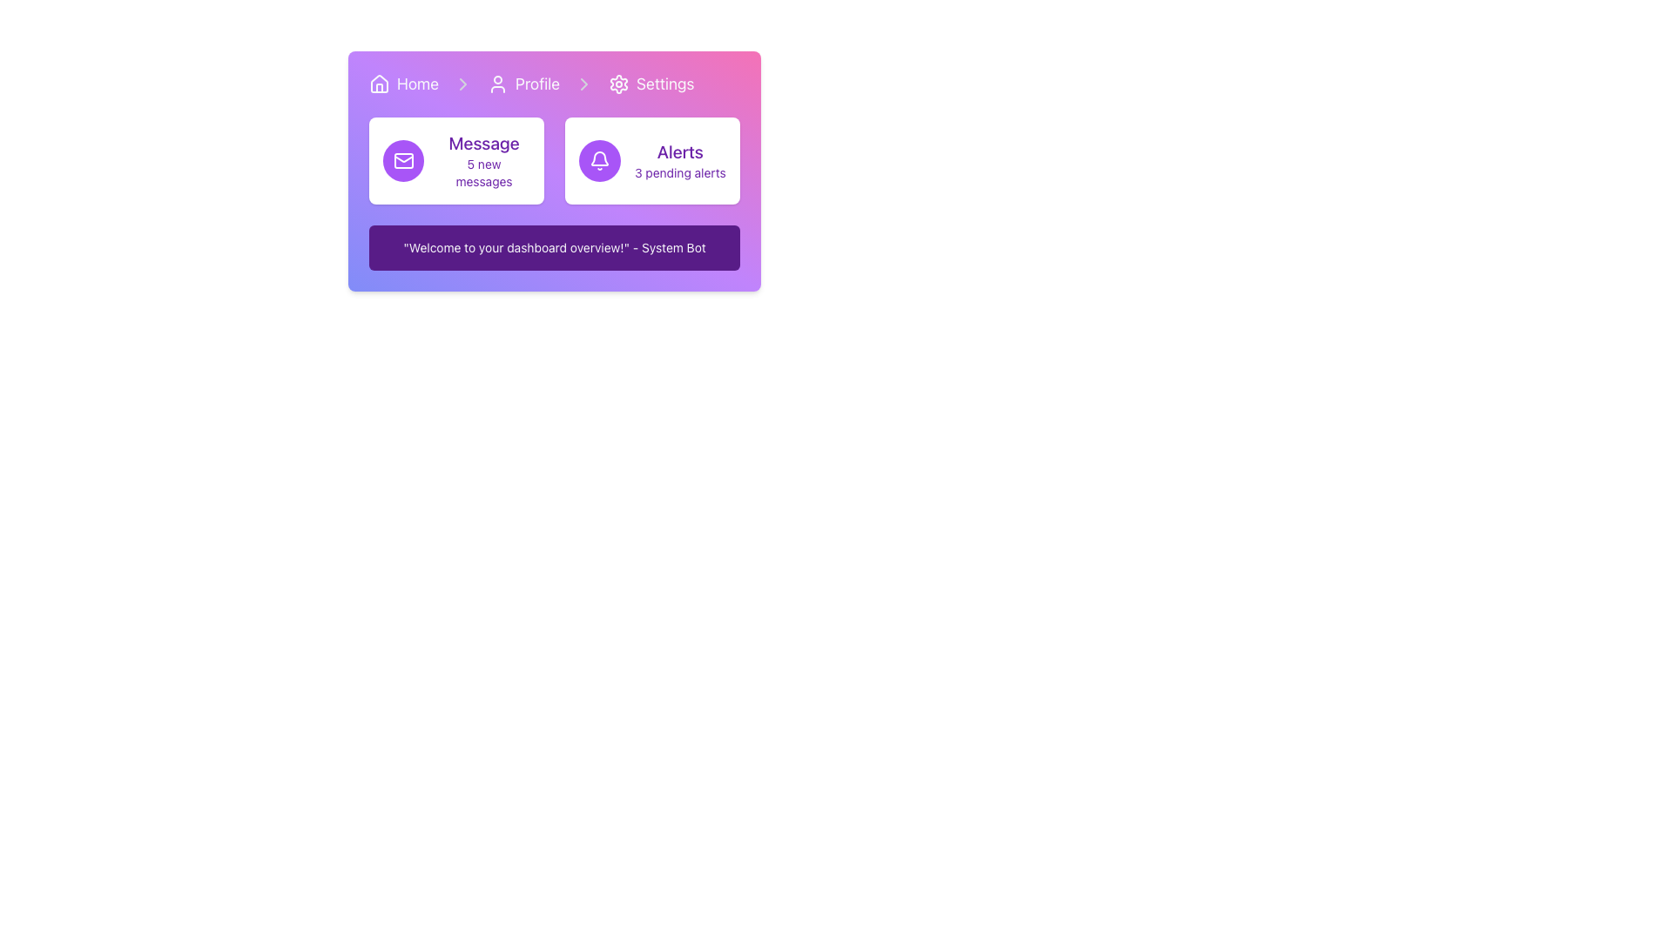  Describe the element at coordinates (554, 84) in the screenshot. I see `the 'Profile' hyperlink in the breadcrumb navigation bar` at that location.